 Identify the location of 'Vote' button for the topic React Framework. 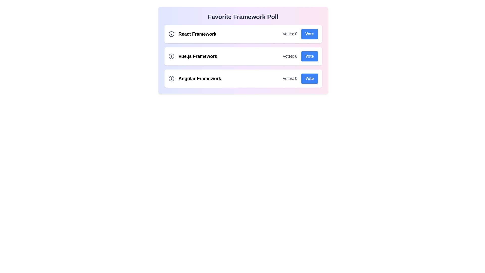
(309, 34).